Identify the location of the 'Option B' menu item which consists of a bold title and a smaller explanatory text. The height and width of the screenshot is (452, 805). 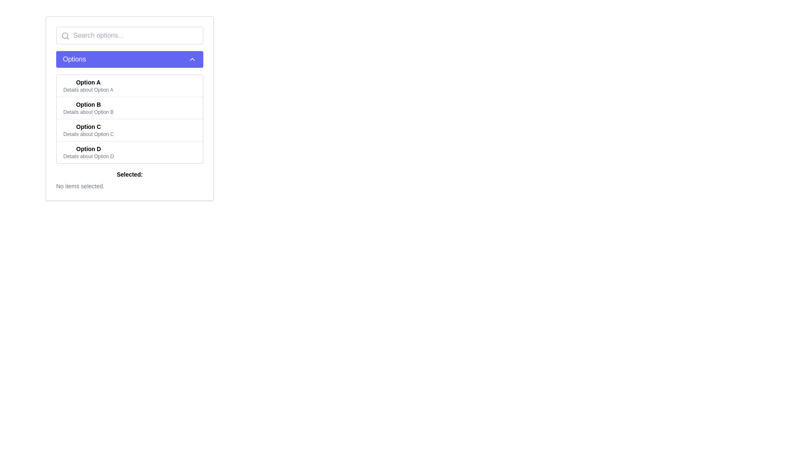
(88, 108).